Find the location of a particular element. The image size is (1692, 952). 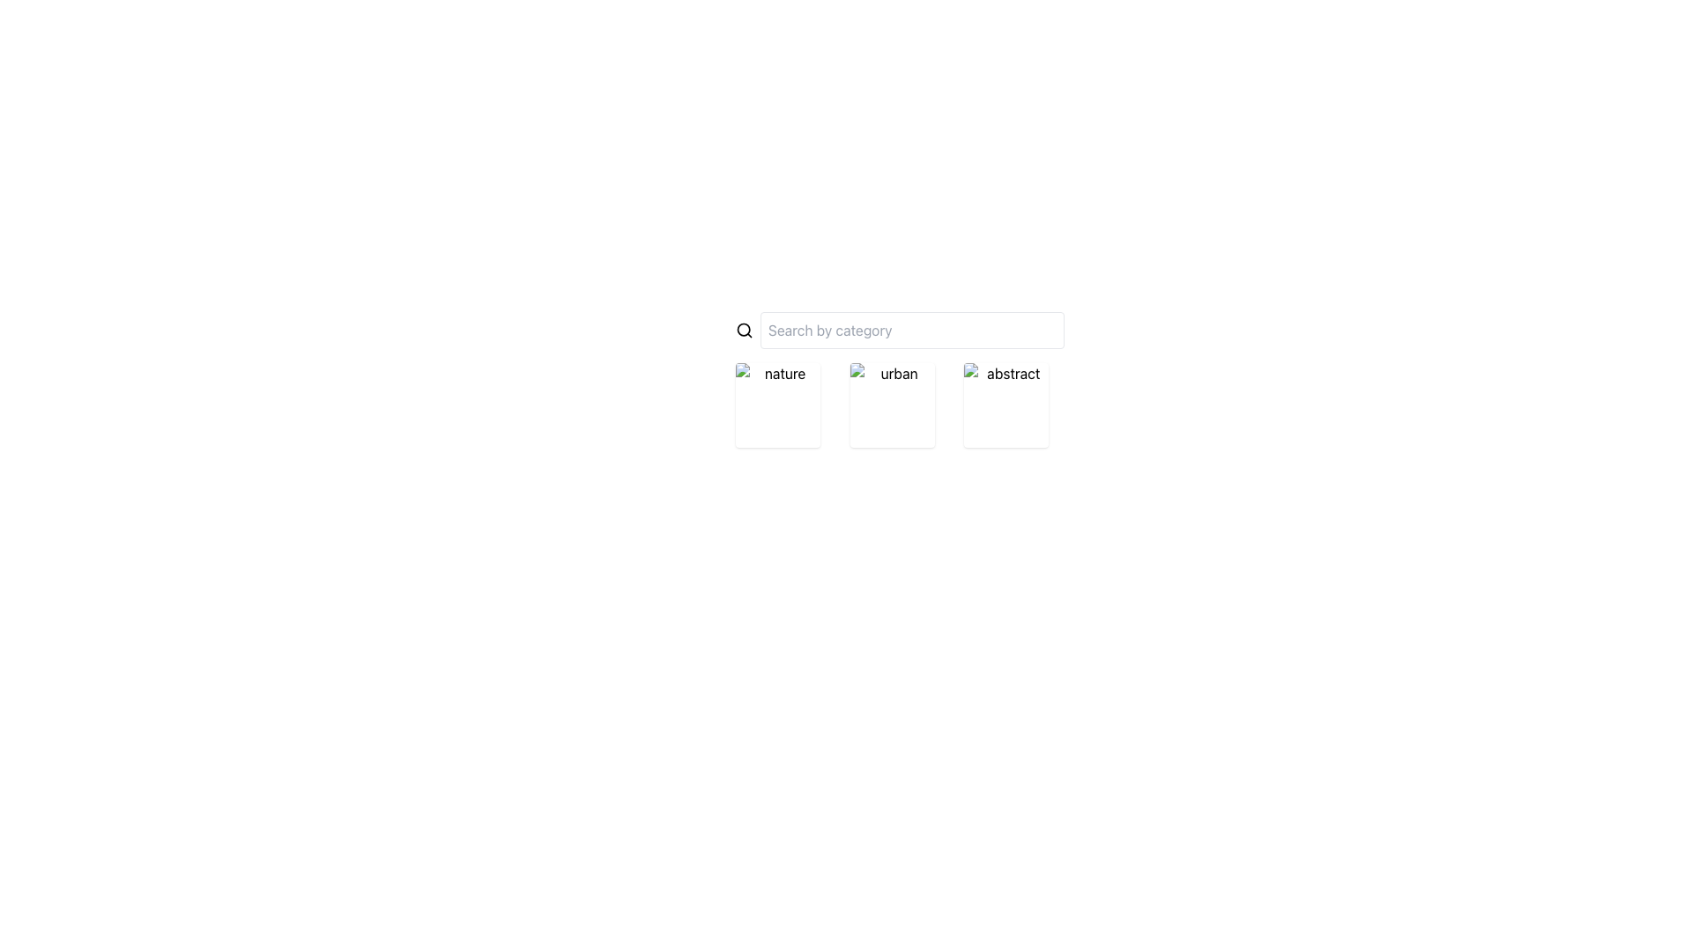

the 'abstract' selectable tile, which is the last in a row of three tiles labeled 'nature', 'urban', and 'abstract' is located at coordinates (1006, 405).